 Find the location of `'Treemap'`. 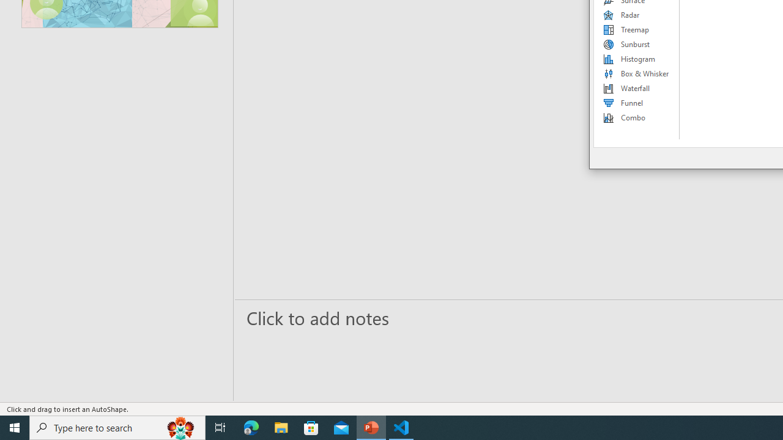

'Treemap' is located at coordinates (636, 29).